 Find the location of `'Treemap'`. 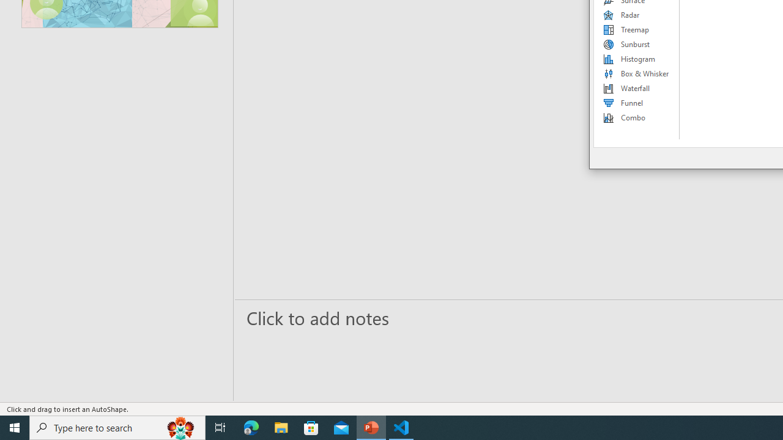

'Treemap' is located at coordinates (636, 29).